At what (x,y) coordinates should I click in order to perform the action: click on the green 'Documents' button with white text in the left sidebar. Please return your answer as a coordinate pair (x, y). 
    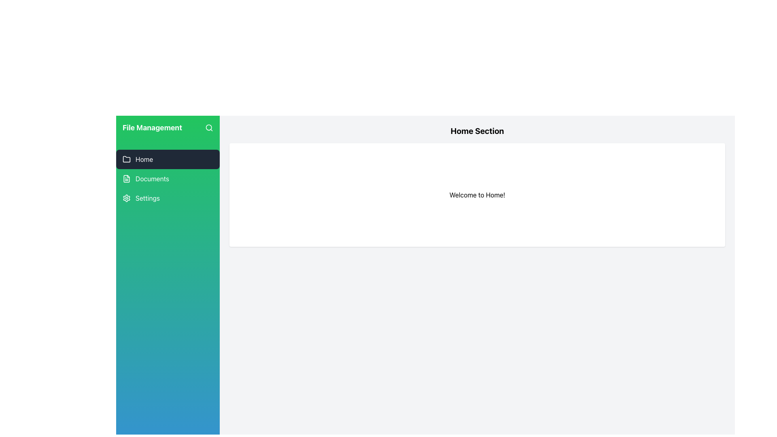
    Looking at the image, I should click on (167, 178).